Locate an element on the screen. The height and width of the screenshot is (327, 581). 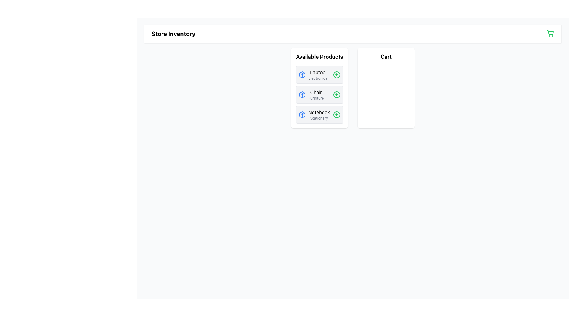
the second Card component in the 'Available Products' section is located at coordinates (311, 94).